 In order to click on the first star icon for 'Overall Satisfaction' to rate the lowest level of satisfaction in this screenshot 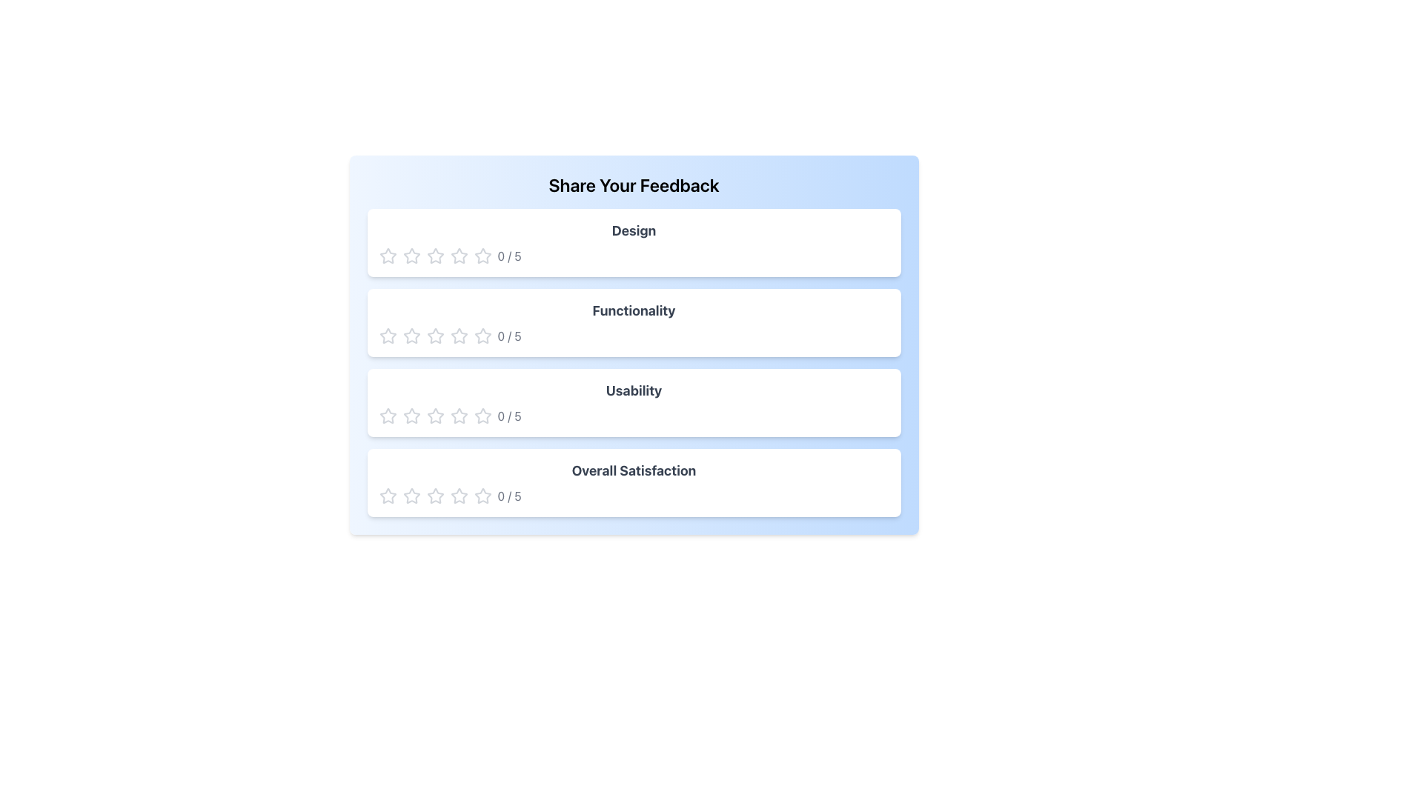, I will do `click(482, 496)`.